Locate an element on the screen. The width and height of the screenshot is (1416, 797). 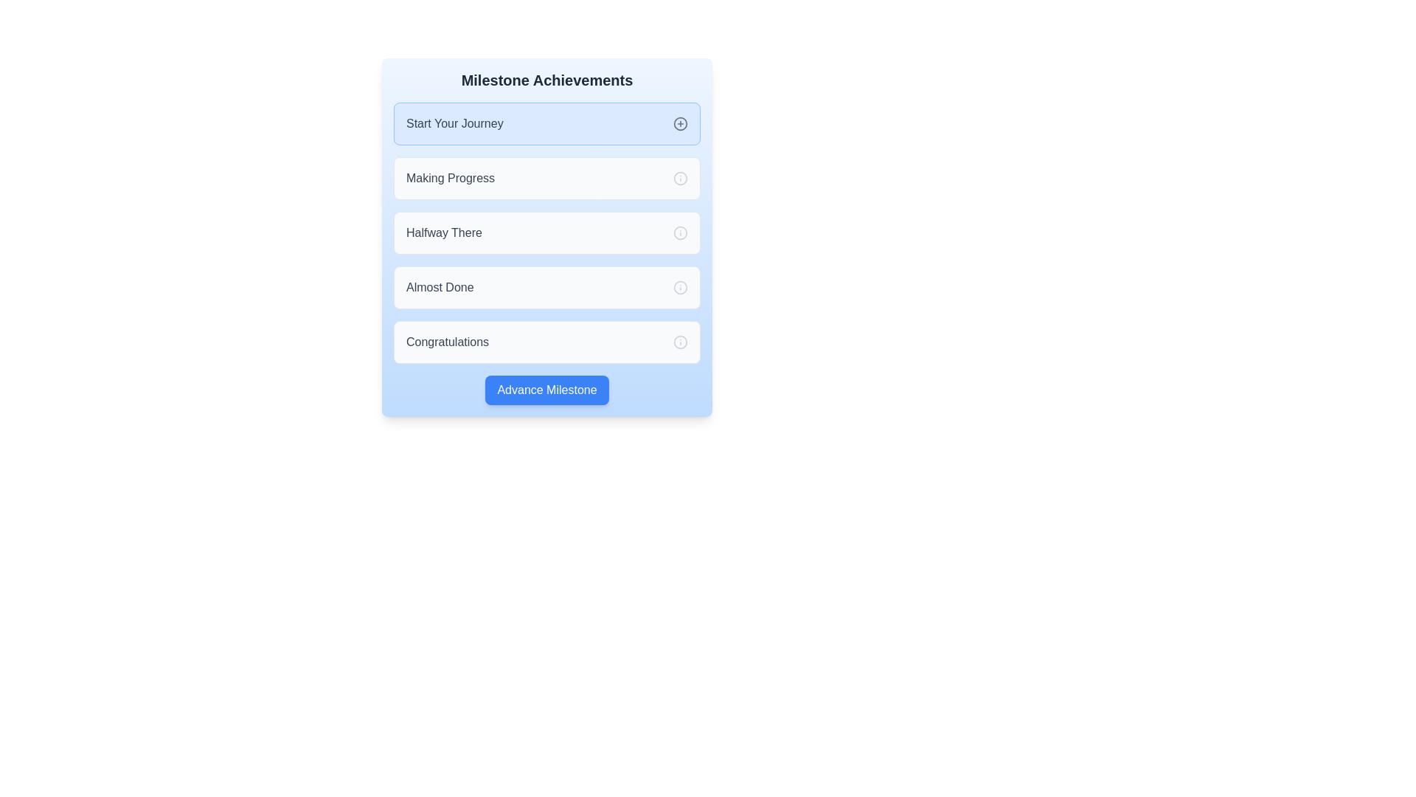
the Circle in the SVG graphic that represents the milestone in the 'Making Progress' row, which is right-aligned to the text is located at coordinates (679, 178).